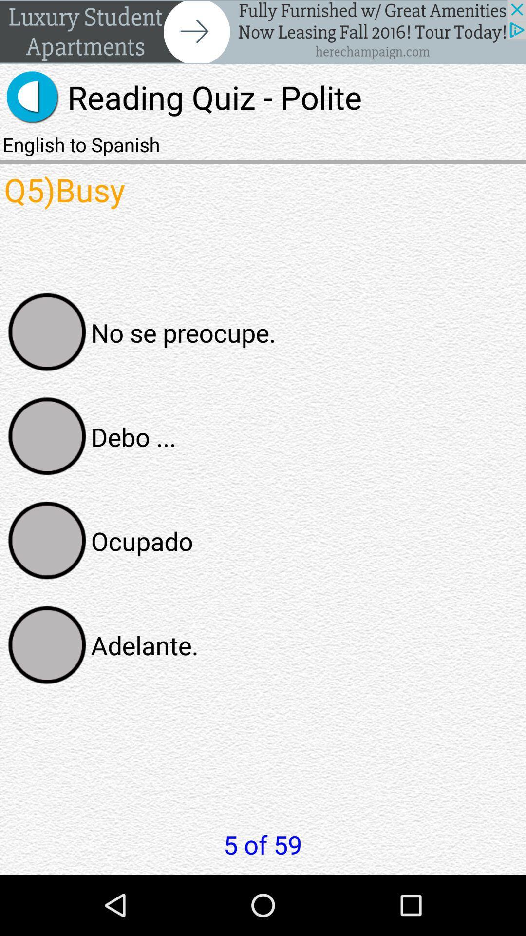 Image resolution: width=526 pixels, height=936 pixels. What do you see at coordinates (47, 332) in the screenshot?
I see `button` at bounding box center [47, 332].